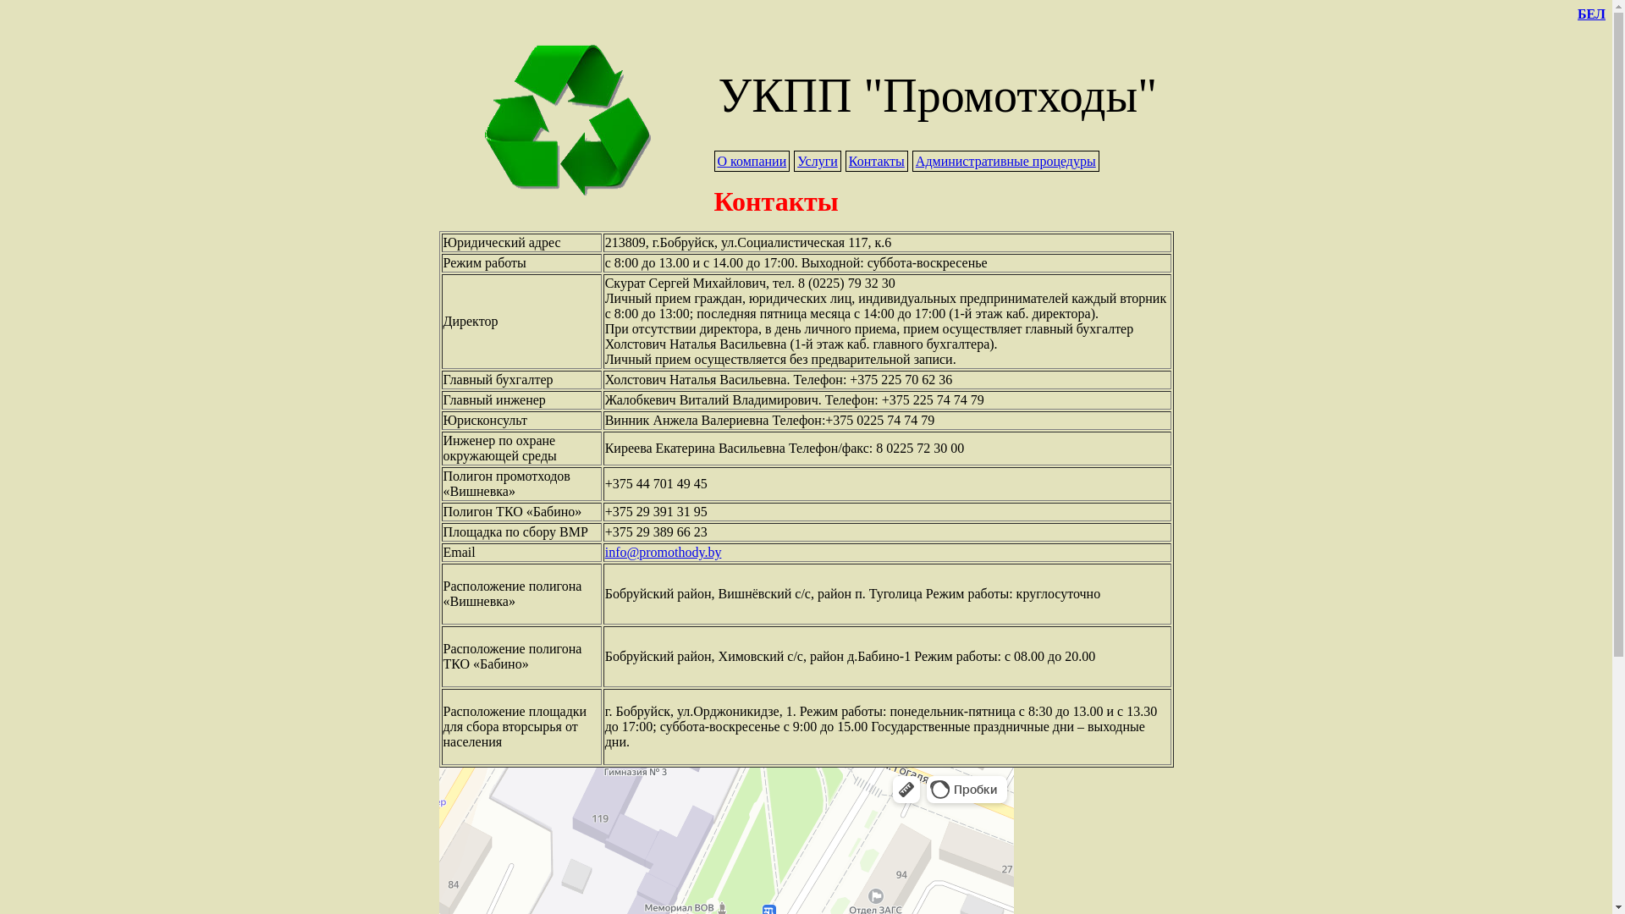 The height and width of the screenshot is (914, 1625). What do you see at coordinates (605, 552) in the screenshot?
I see `'info@promothody.by'` at bounding box center [605, 552].